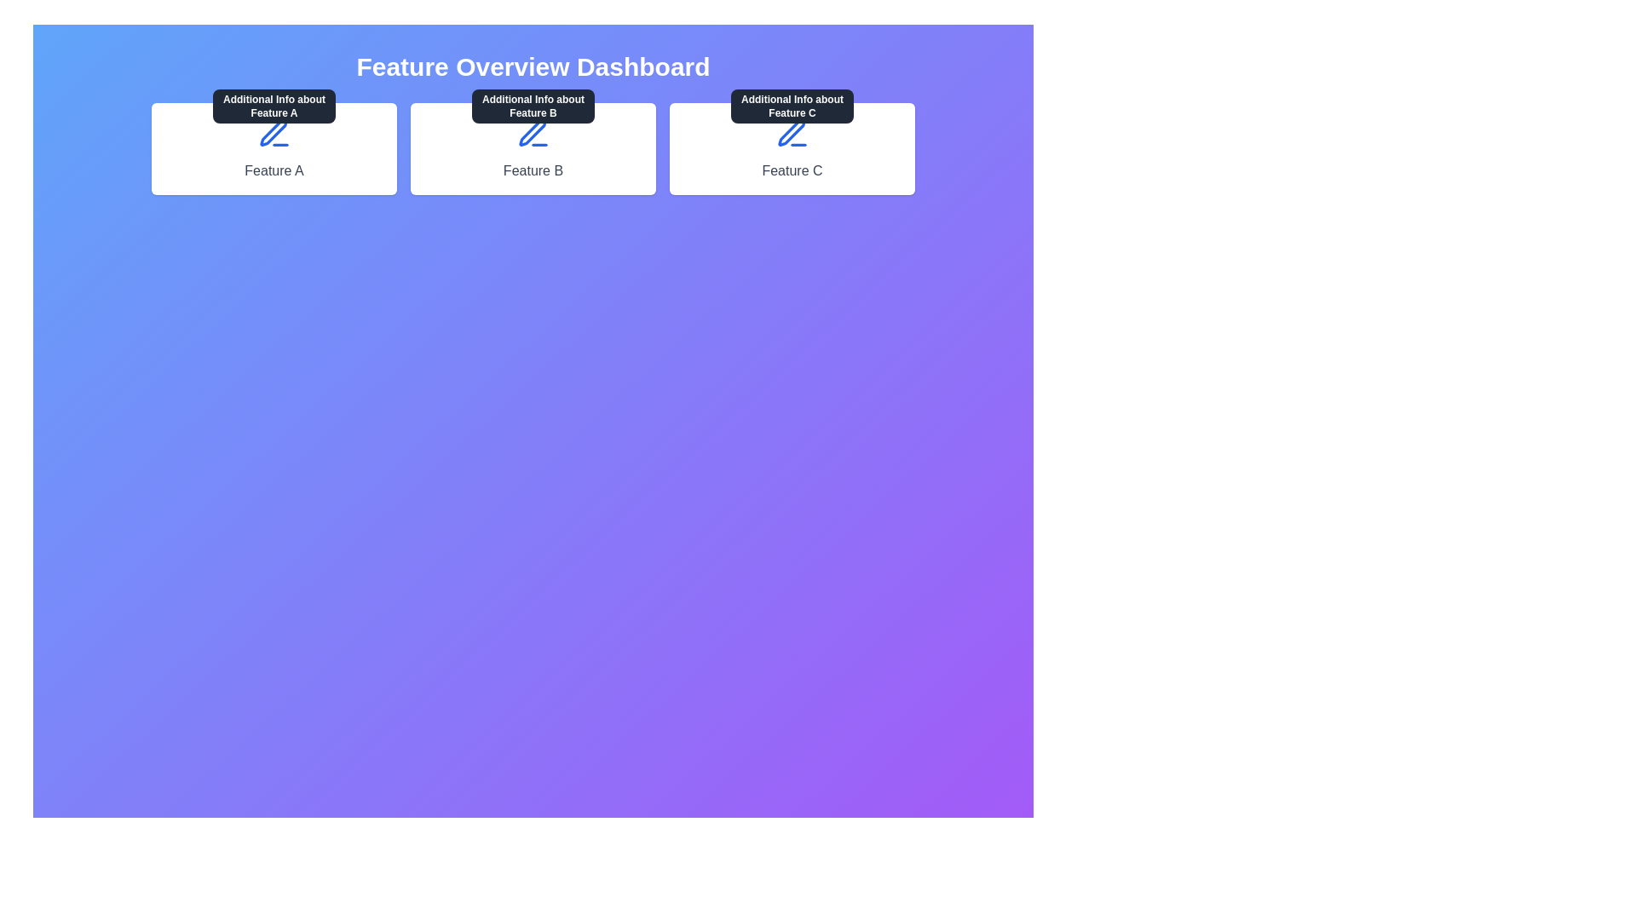 The height and width of the screenshot is (920, 1636). Describe the element at coordinates (532, 133) in the screenshot. I see `the blue pen icon located centrally within the white card labeled 'Feature B', which is below the black banner 'Additional Info about Feature B'` at that location.